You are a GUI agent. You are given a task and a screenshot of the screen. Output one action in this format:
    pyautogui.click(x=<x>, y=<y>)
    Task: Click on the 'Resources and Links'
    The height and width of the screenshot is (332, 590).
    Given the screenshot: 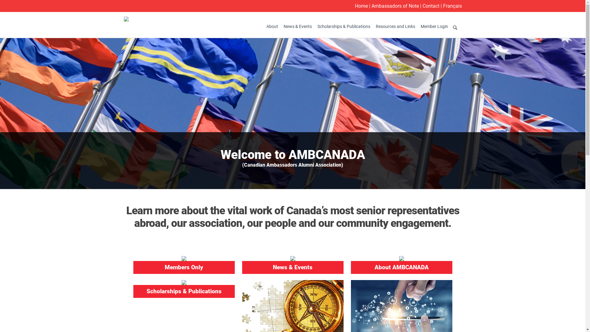 What is the action you would take?
    pyautogui.click(x=395, y=26)
    